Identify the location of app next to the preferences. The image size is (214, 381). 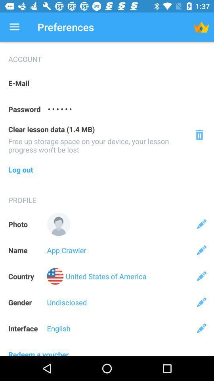
(14, 27).